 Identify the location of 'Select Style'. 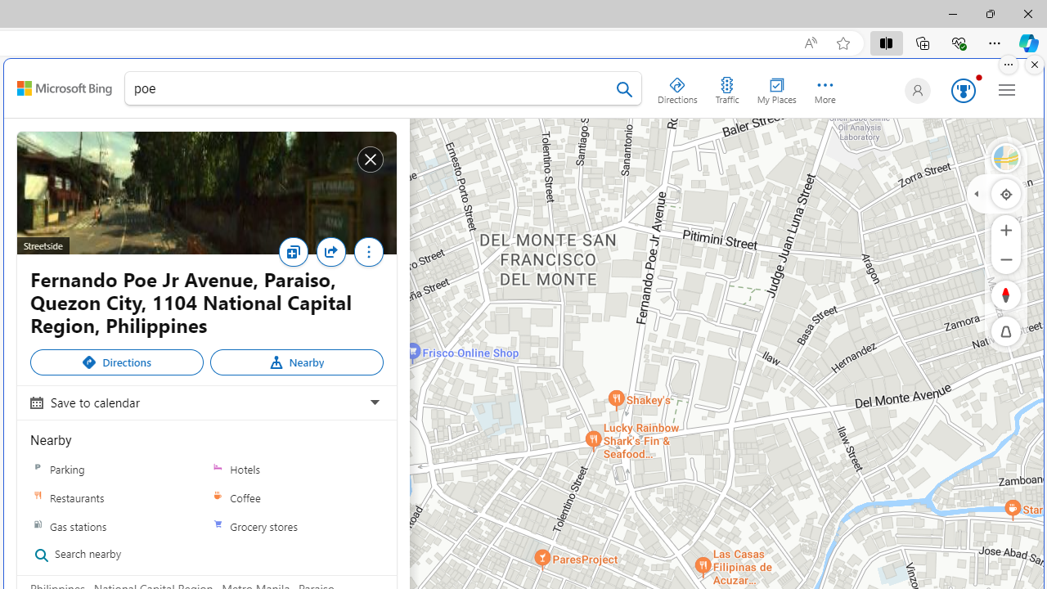
(1005, 157).